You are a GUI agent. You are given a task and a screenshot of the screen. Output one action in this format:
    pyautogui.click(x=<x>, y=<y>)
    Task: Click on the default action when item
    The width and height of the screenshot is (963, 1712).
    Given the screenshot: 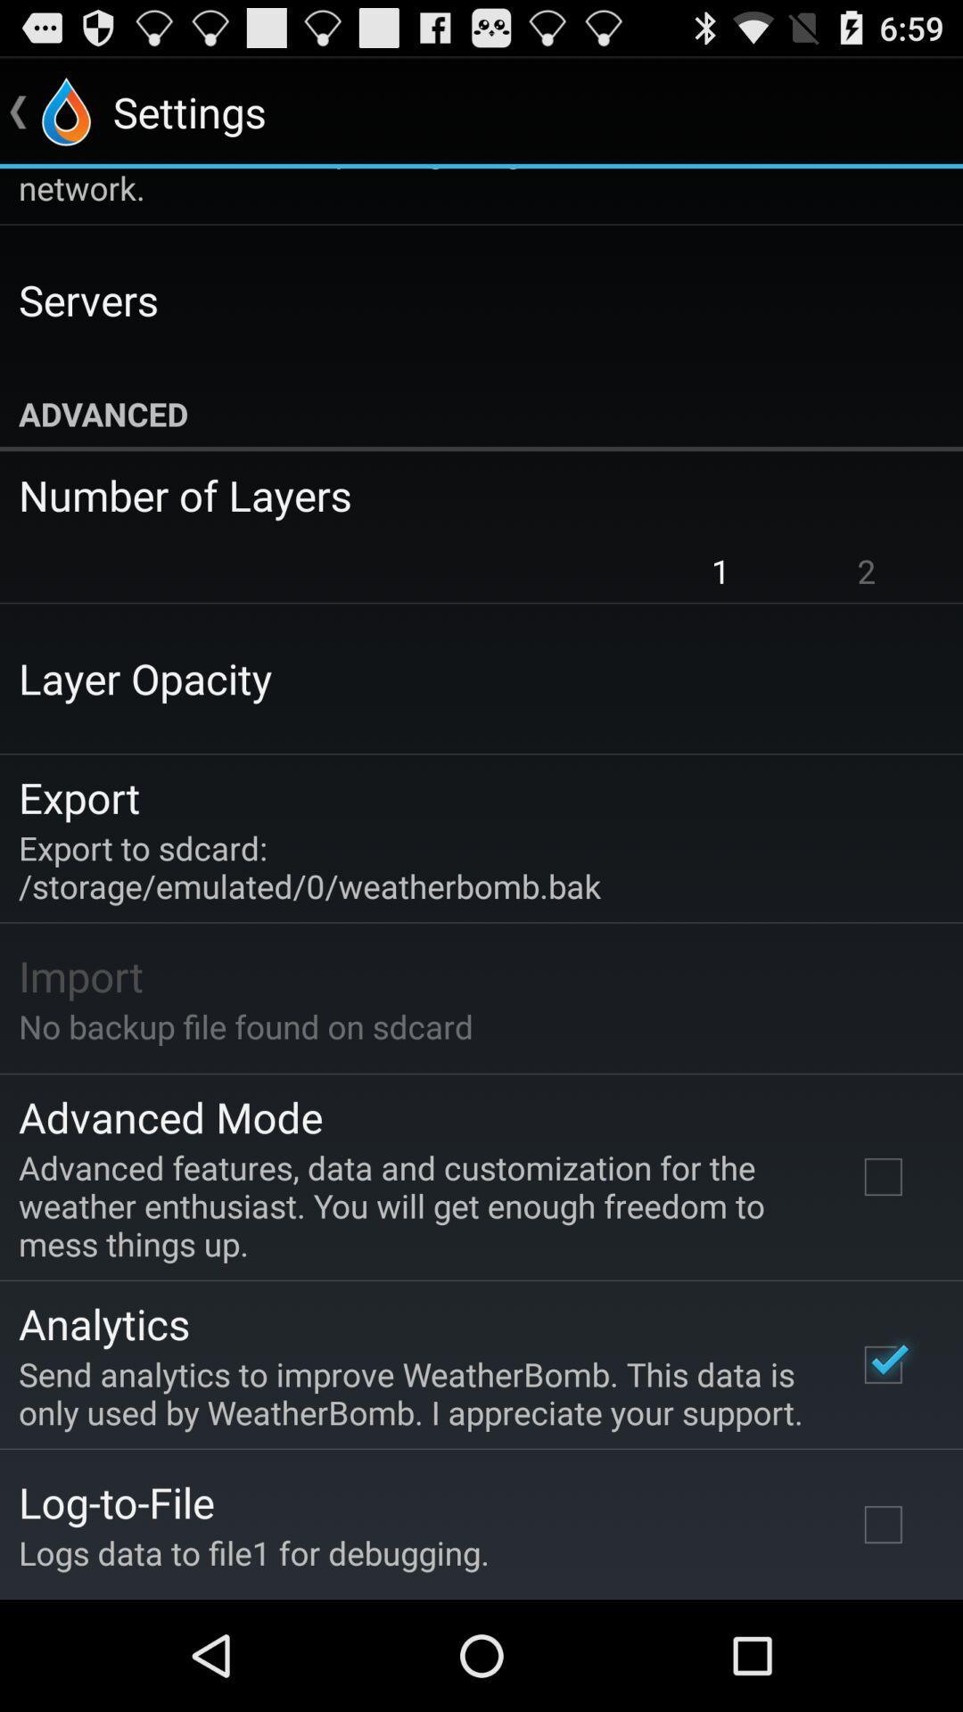 What is the action you would take?
    pyautogui.click(x=468, y=189)
    